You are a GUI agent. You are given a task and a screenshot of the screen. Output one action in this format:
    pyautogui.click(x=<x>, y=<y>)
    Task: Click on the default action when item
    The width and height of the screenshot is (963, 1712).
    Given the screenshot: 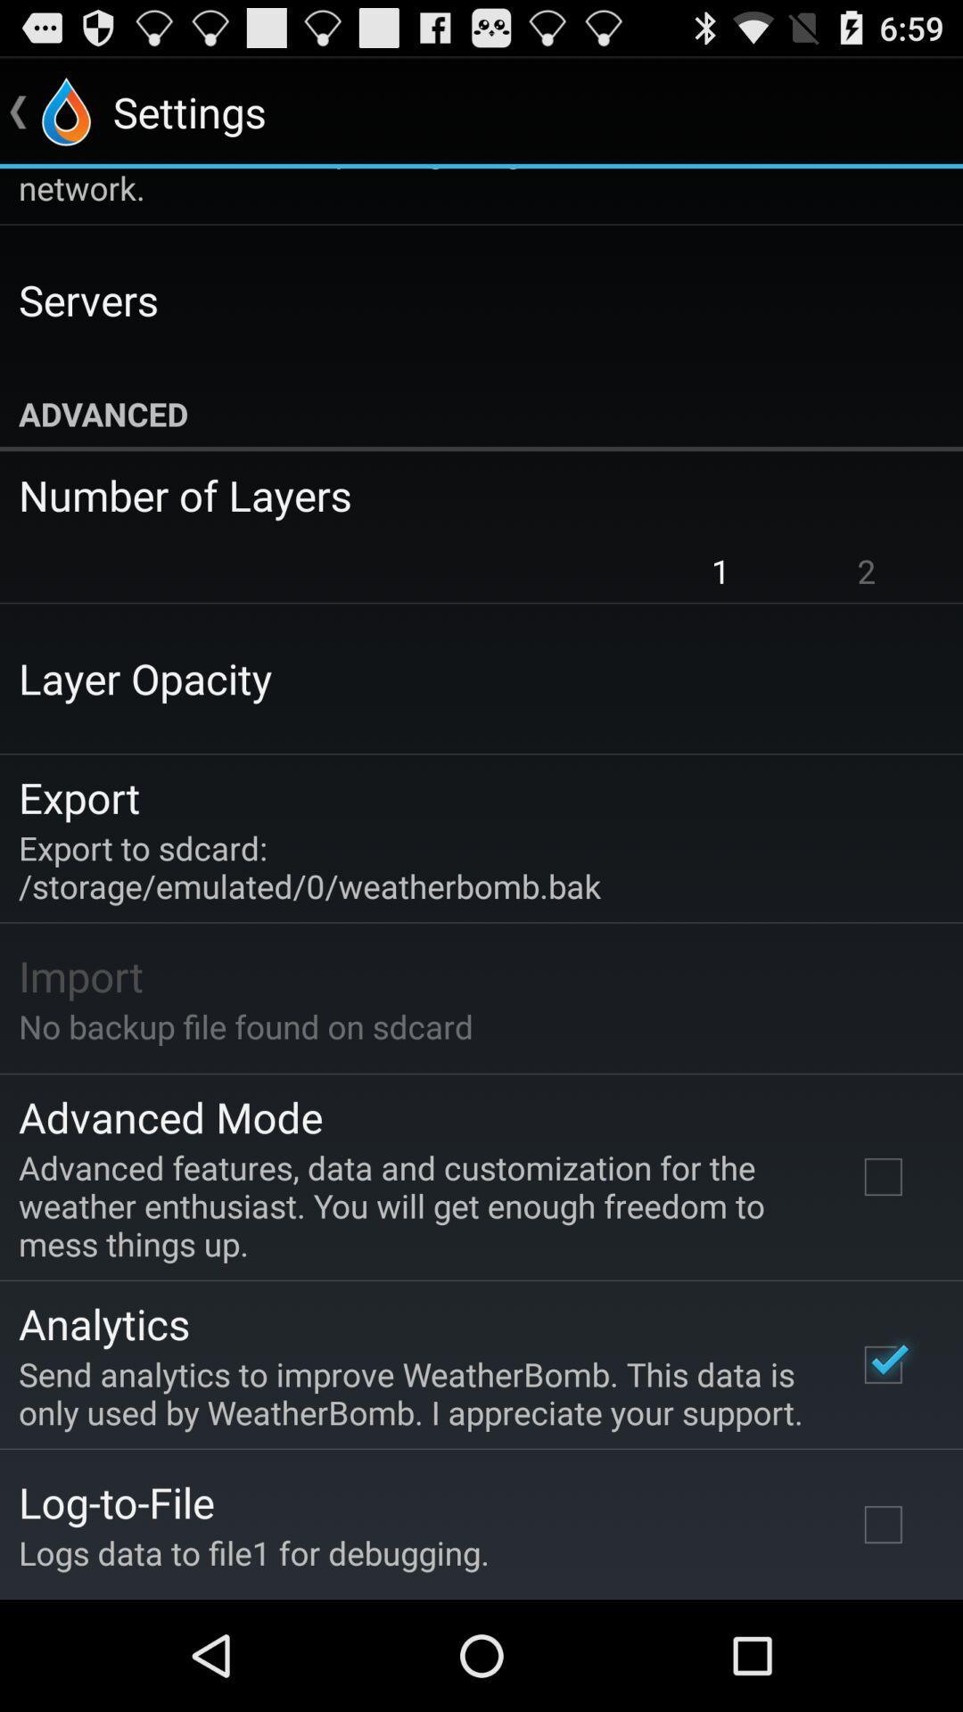 What is the action you would take?
    pyautogui.click(x=468, y=189)
    